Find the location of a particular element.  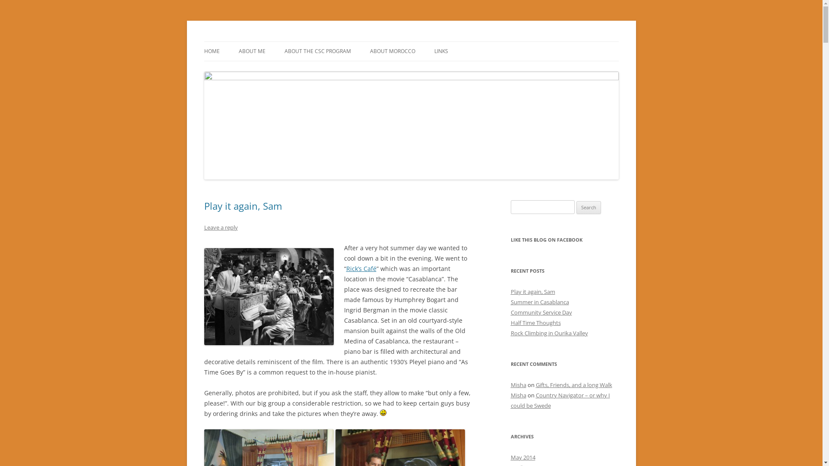

'Half Time Thoughts' is located at coordinates (535, 323).